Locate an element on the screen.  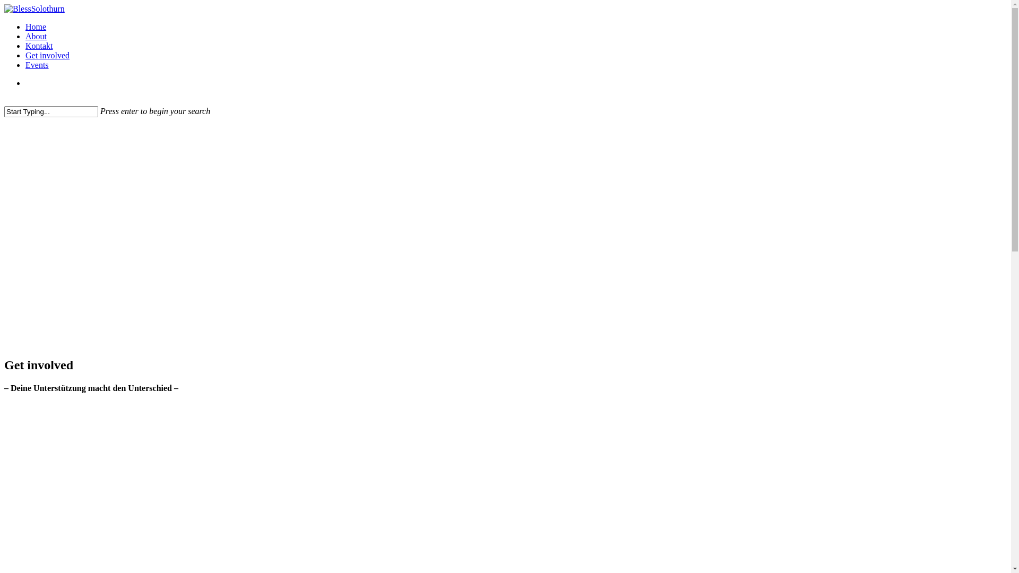
'Get involved' is located at coordinates (47, 55).